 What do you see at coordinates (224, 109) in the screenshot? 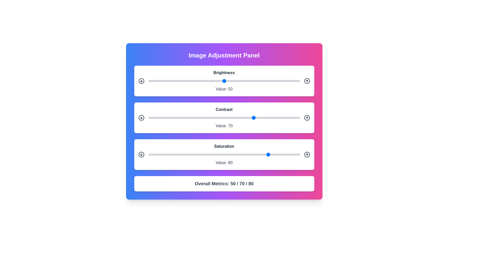
I see `the contrast settings label, which is centrally placed inside a white, rounded rectangle within the settings panel` at bounding box center [224, 109].